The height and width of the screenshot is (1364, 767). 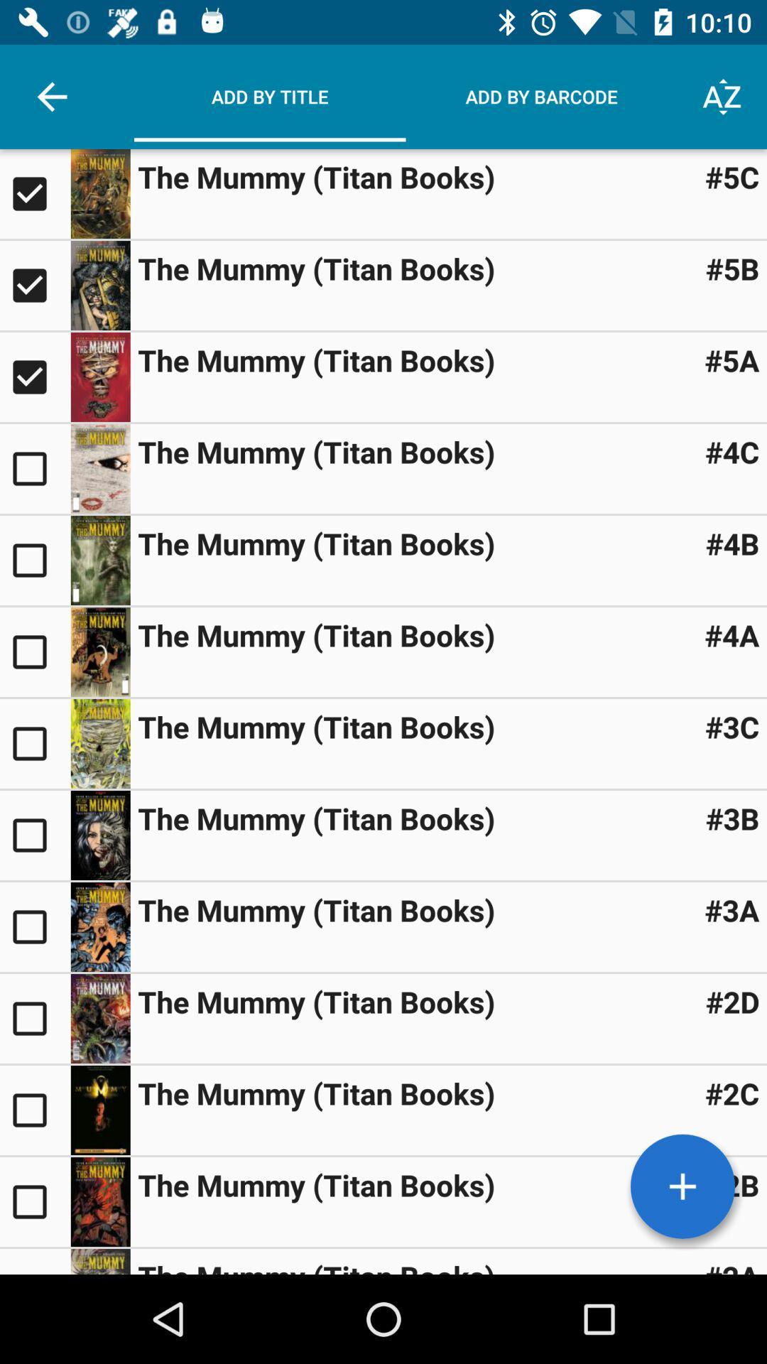 I want to click on item next to the the mummy titan, so click(x=732, y=726).